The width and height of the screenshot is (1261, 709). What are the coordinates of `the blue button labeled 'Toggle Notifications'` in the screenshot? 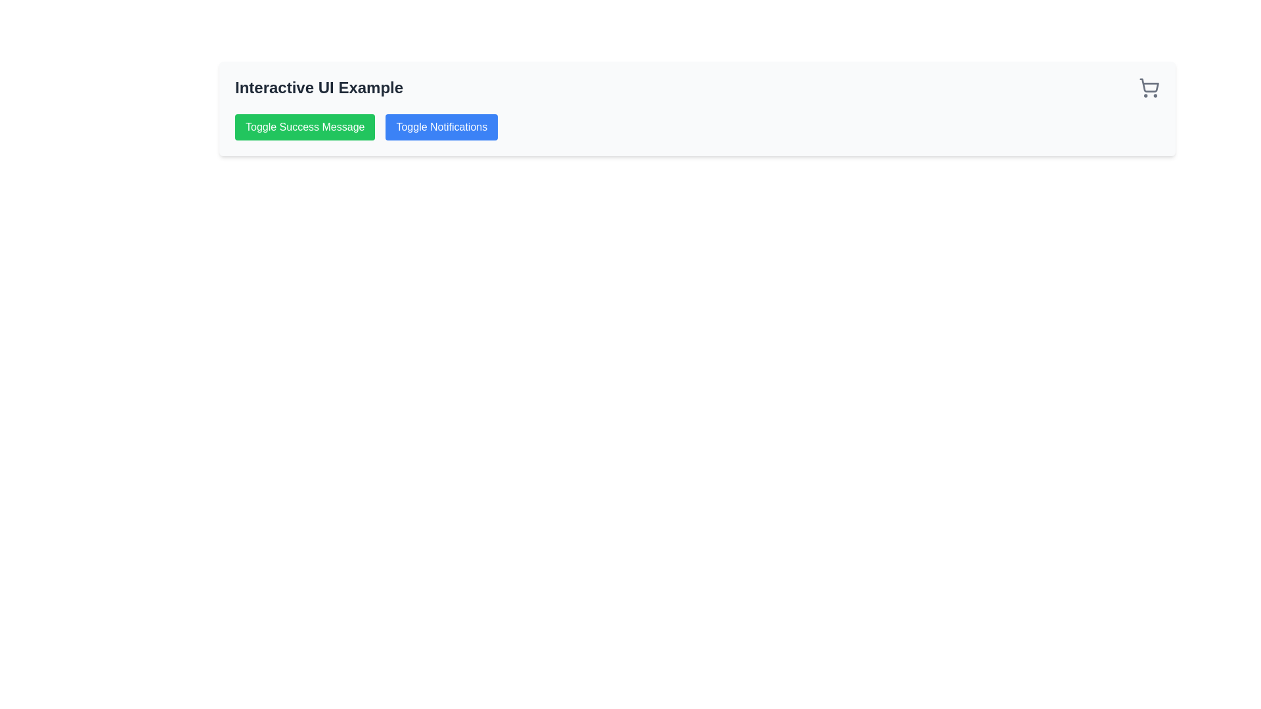 It's located at (441, 127).